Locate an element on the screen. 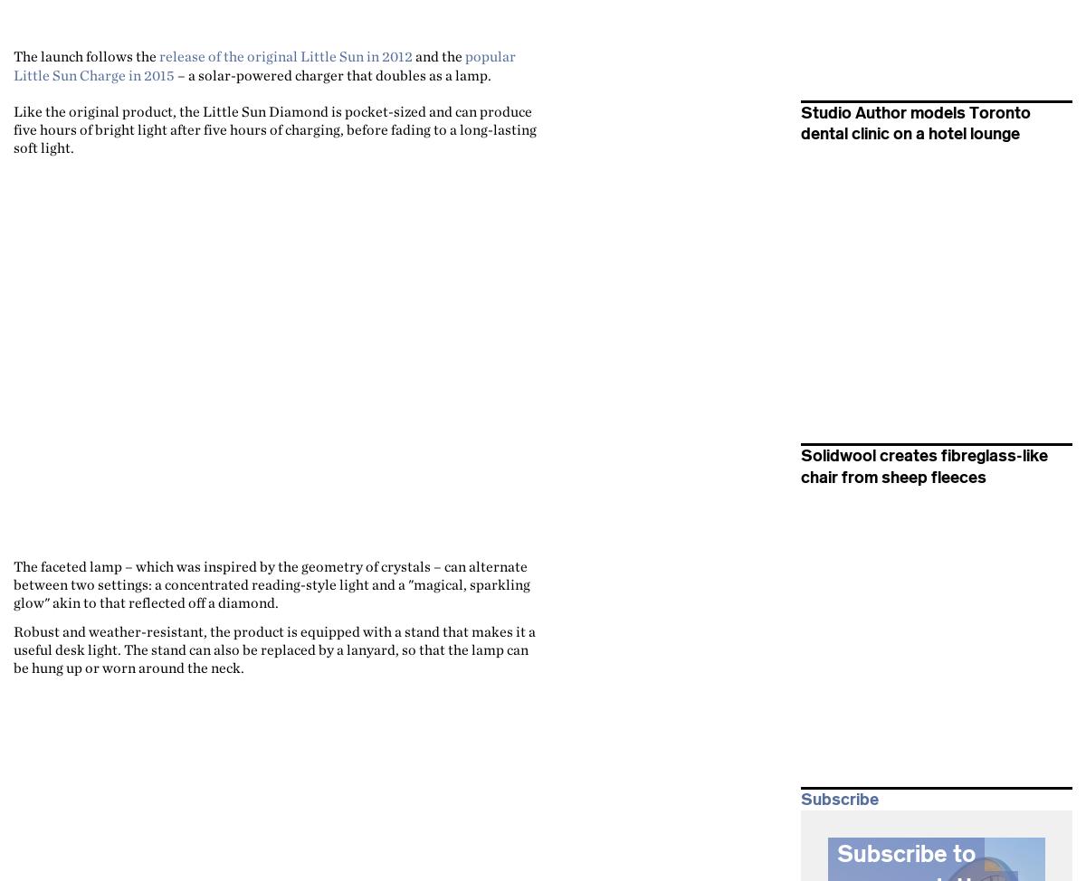 The width and height of the screenshot is (1086, 881). 'Robust and weather-resistant, the product is equipped with a stand that makes it a useful desk light. The stand can also be replaced by a lanyard, so that the lamp can be hung up or worn around the neck.' is located at coordinates (274, 649).